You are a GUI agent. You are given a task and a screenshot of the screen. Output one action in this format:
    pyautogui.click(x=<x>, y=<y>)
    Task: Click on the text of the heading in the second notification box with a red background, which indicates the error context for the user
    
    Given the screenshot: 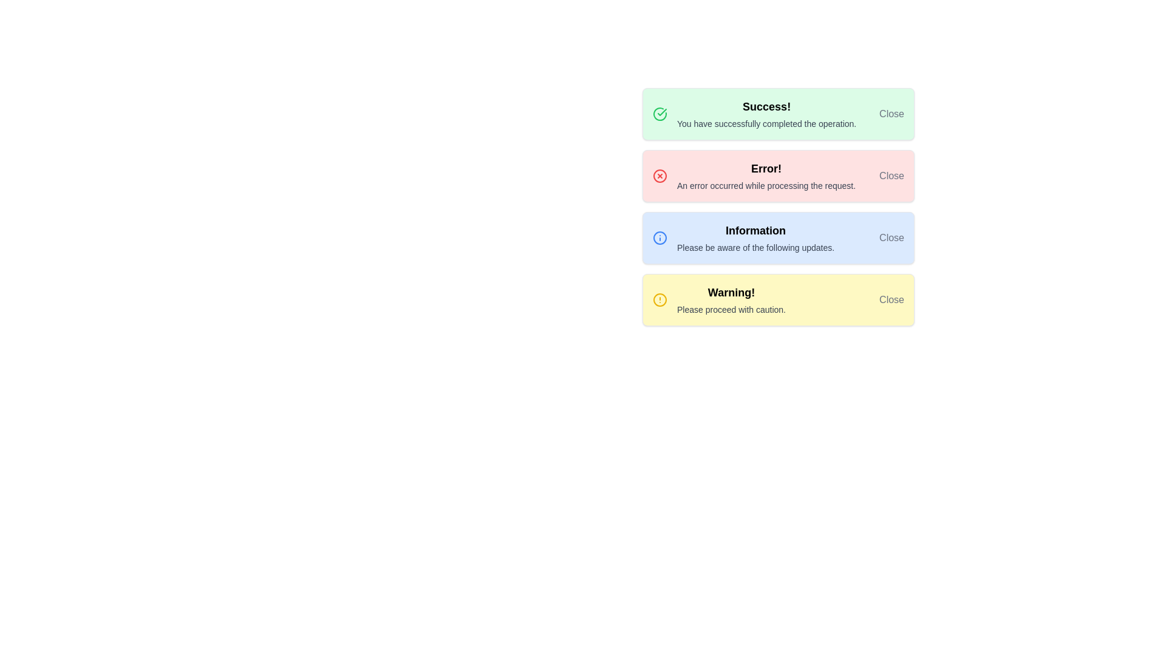 What is the action you would take?
    pyautogui.click(x=766, y=168)
    